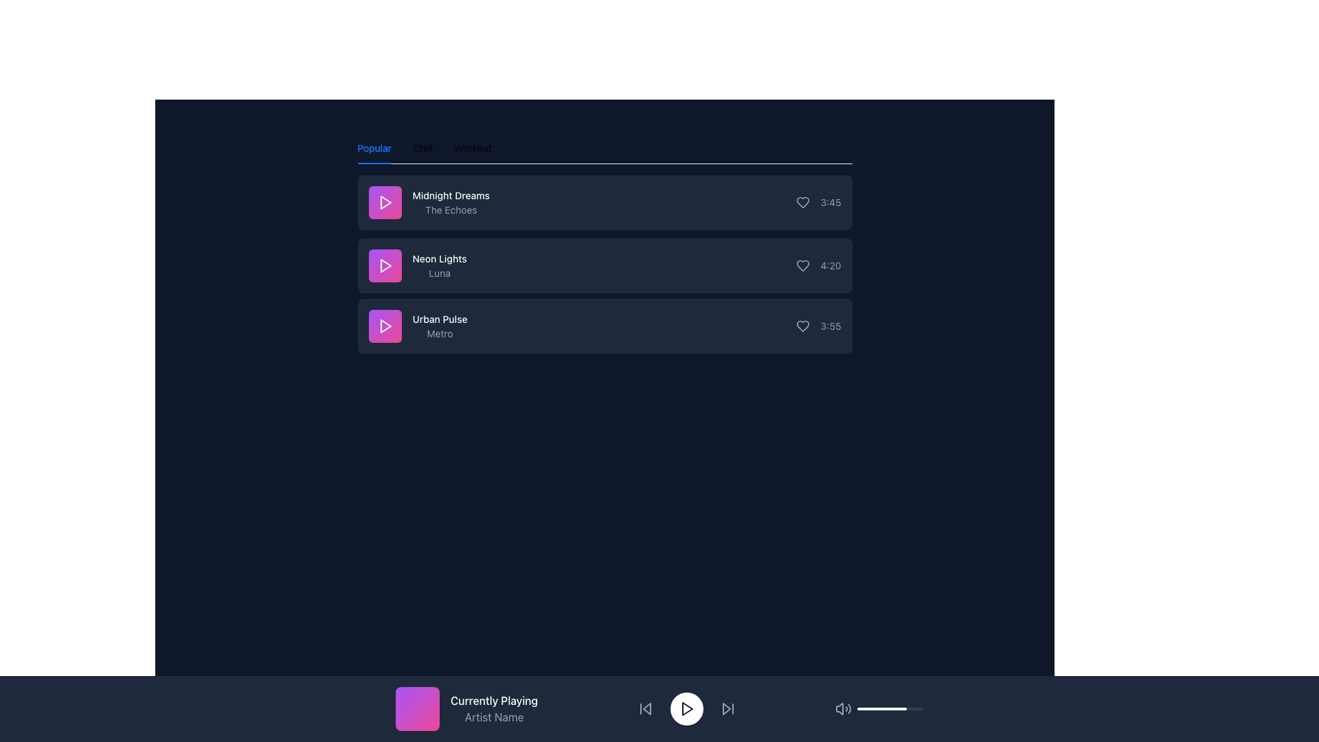 The image size is (1319, 742). What do you see at coordinates (802, 265) in the screenshot?
I see `the heart-shaped icon button for the song 'Neon Lights' by 'Luna'` at bounding box center [802, 265].